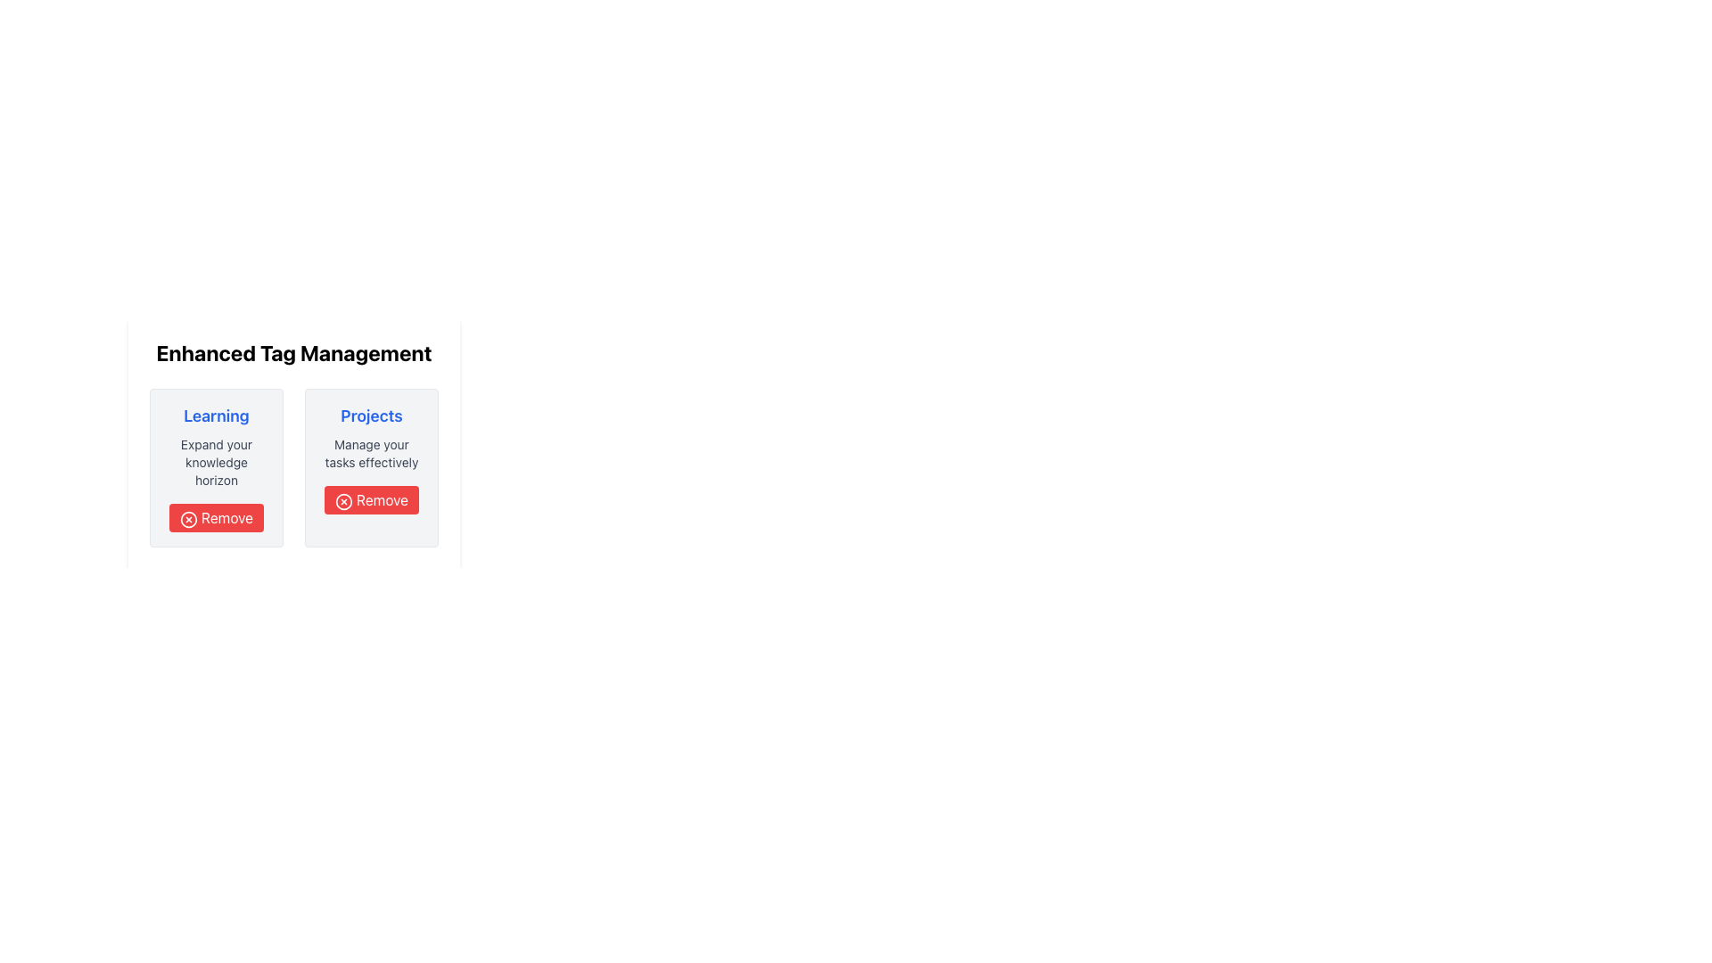  Describe the element at coordinates (371, 453) in the screenshot. I see `the static text element that reads 'Manage your tasks effectively', which is styled with small, gray-colored text and located below the 'Projects' heading` at that location.